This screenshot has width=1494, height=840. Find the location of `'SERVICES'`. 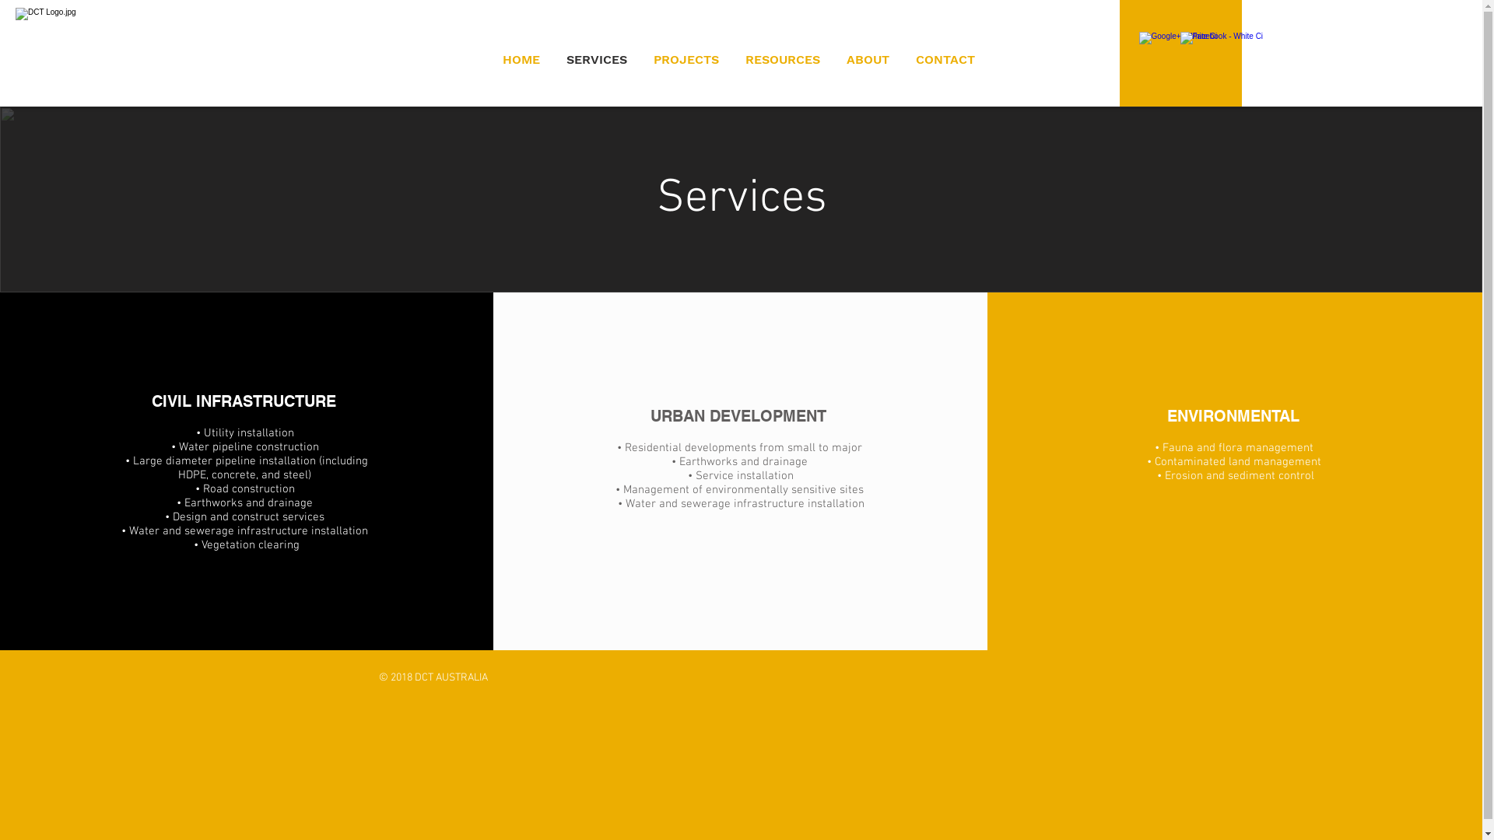

'SERVICES' is located at coordinates (552, 58).